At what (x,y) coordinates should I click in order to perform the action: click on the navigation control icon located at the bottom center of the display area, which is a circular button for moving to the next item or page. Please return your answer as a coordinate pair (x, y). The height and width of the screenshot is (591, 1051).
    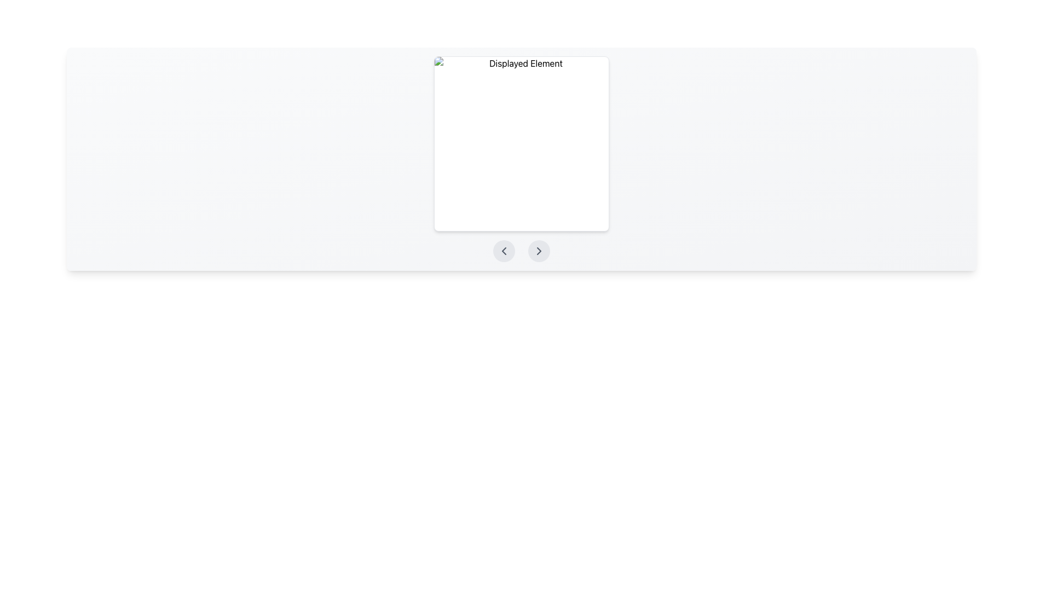
    Looking at the image, I should click on (539, 251).